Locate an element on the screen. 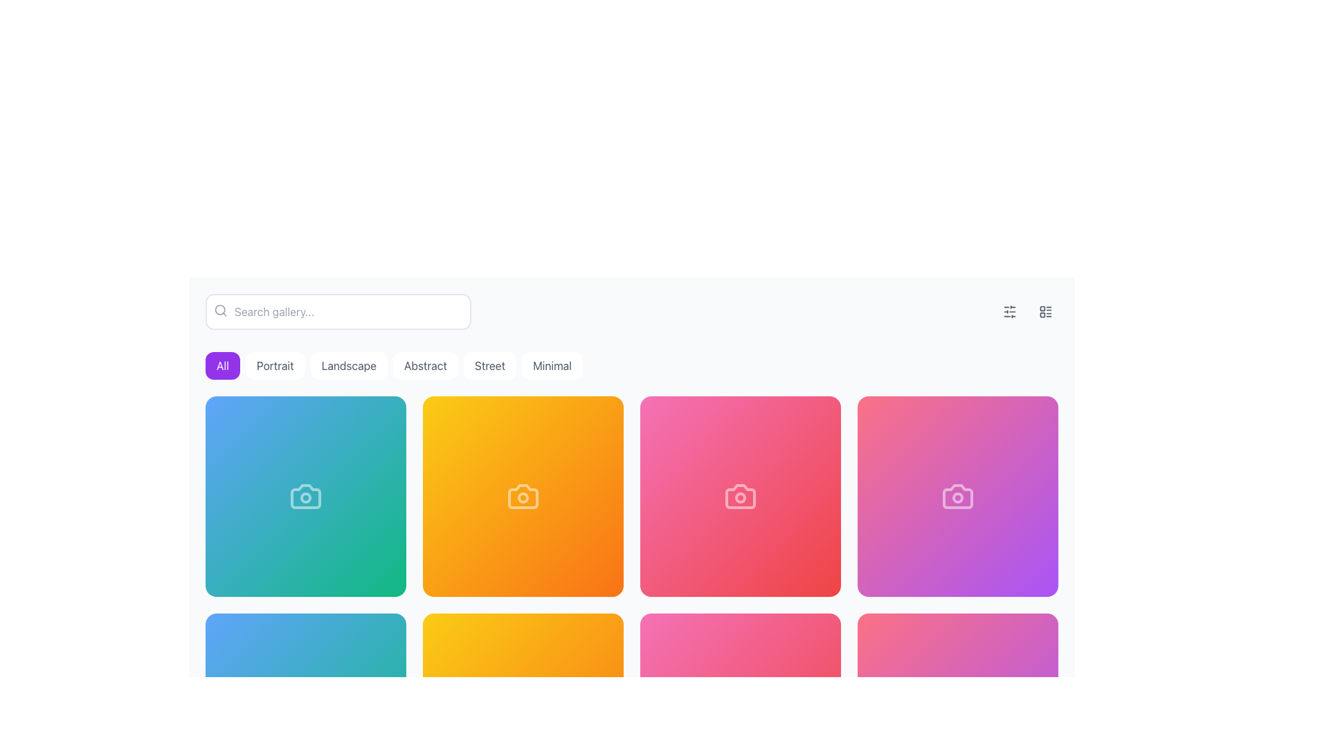  the design of the photography icon located near the bottom center of the layout, which is part of a series of camera icons is located at coordinates (305, 714).